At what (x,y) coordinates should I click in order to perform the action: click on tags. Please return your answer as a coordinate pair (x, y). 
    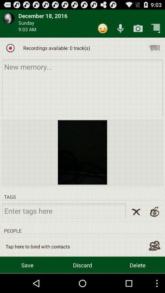
    Looking at the image, I should click on (64, 211).